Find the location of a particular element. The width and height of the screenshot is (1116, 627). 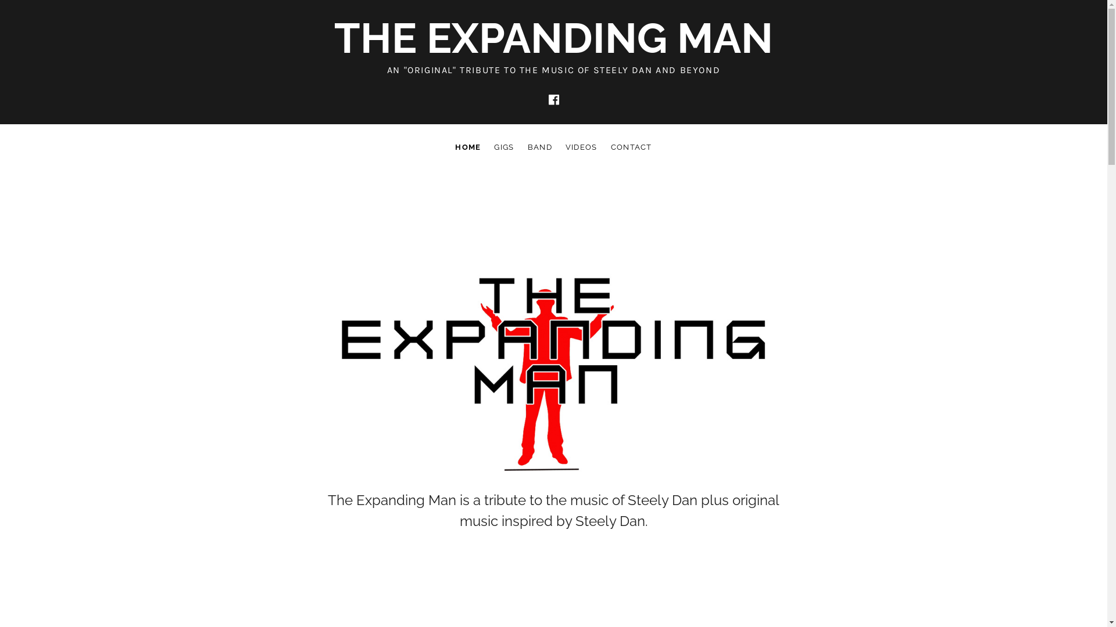

'BAND' is located at coordinates (539, 147).